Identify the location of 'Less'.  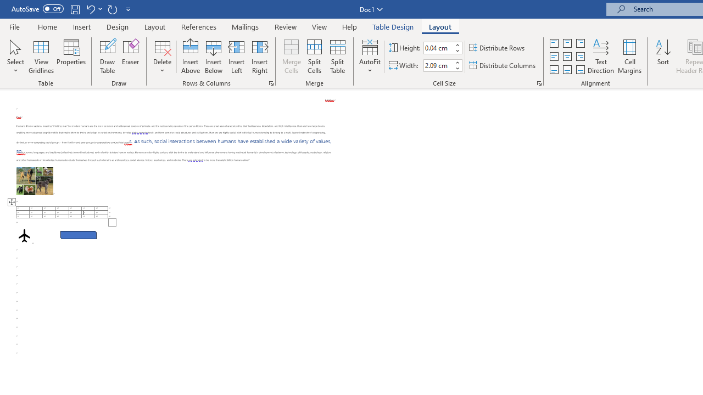
(457, 68).